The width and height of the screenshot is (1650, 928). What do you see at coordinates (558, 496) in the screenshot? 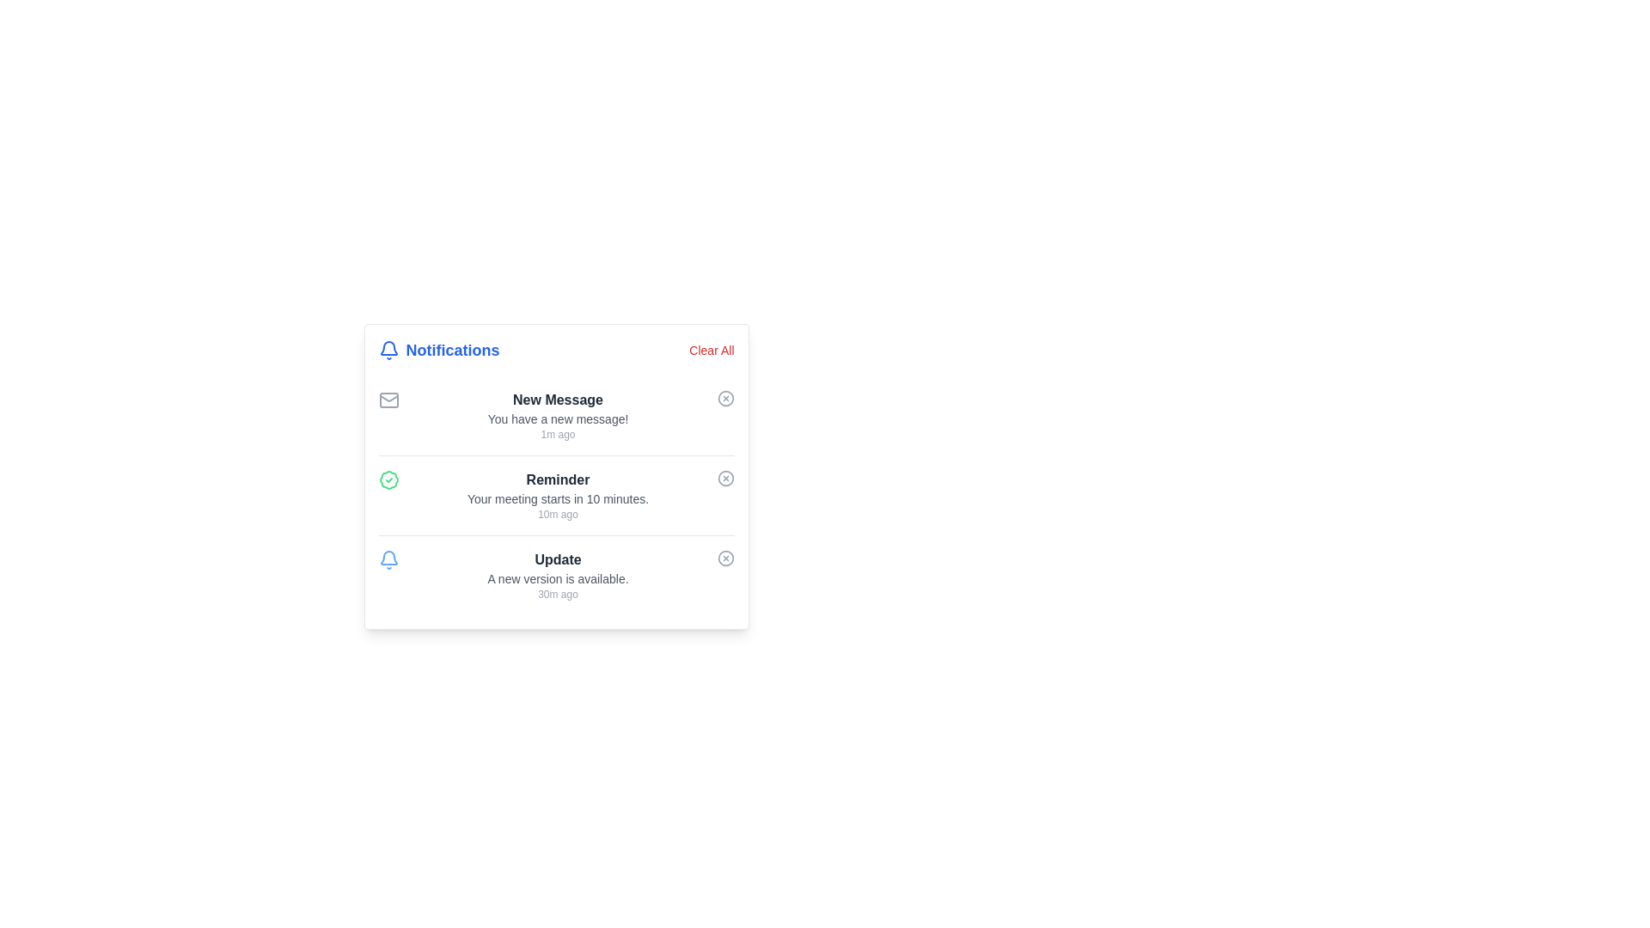
I see `the second notification item in the vertically arranged list that displays a reminder notification indicating that the meeting starts in 10 minutes` at bounding box center [558, 496].